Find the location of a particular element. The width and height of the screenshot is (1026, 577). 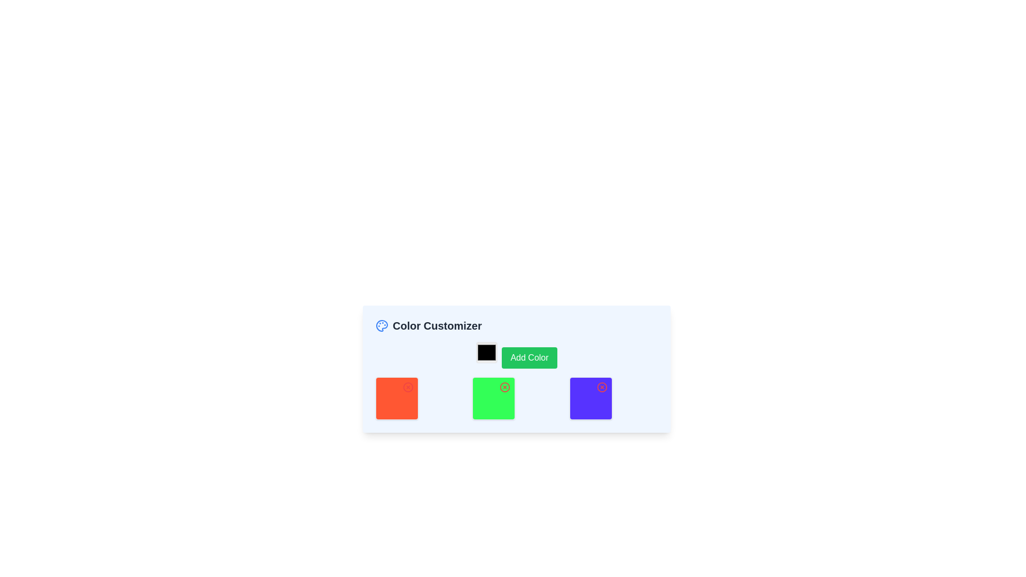

the delete button on the vivid purple square block with rounded corners is located at coordinates (590, 398).